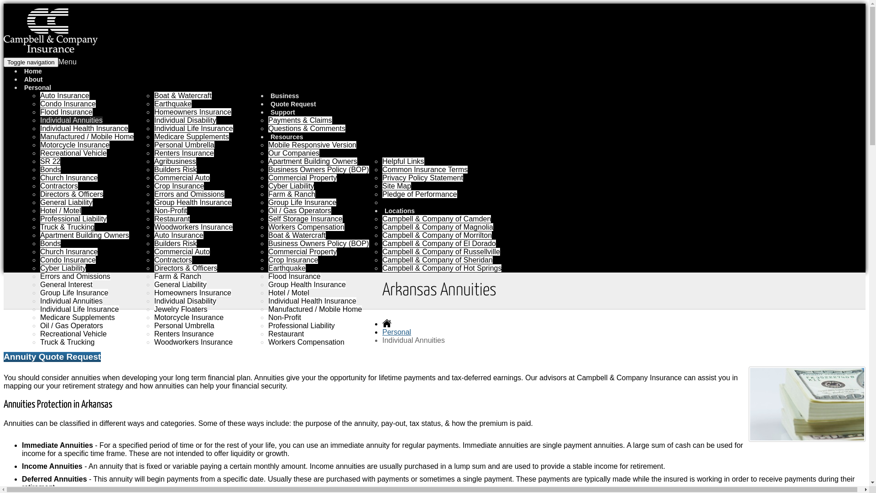 This screenshot has height=493, width=876. I want to click on 'Campbell & Company of El Dorado', so click(439, 243).